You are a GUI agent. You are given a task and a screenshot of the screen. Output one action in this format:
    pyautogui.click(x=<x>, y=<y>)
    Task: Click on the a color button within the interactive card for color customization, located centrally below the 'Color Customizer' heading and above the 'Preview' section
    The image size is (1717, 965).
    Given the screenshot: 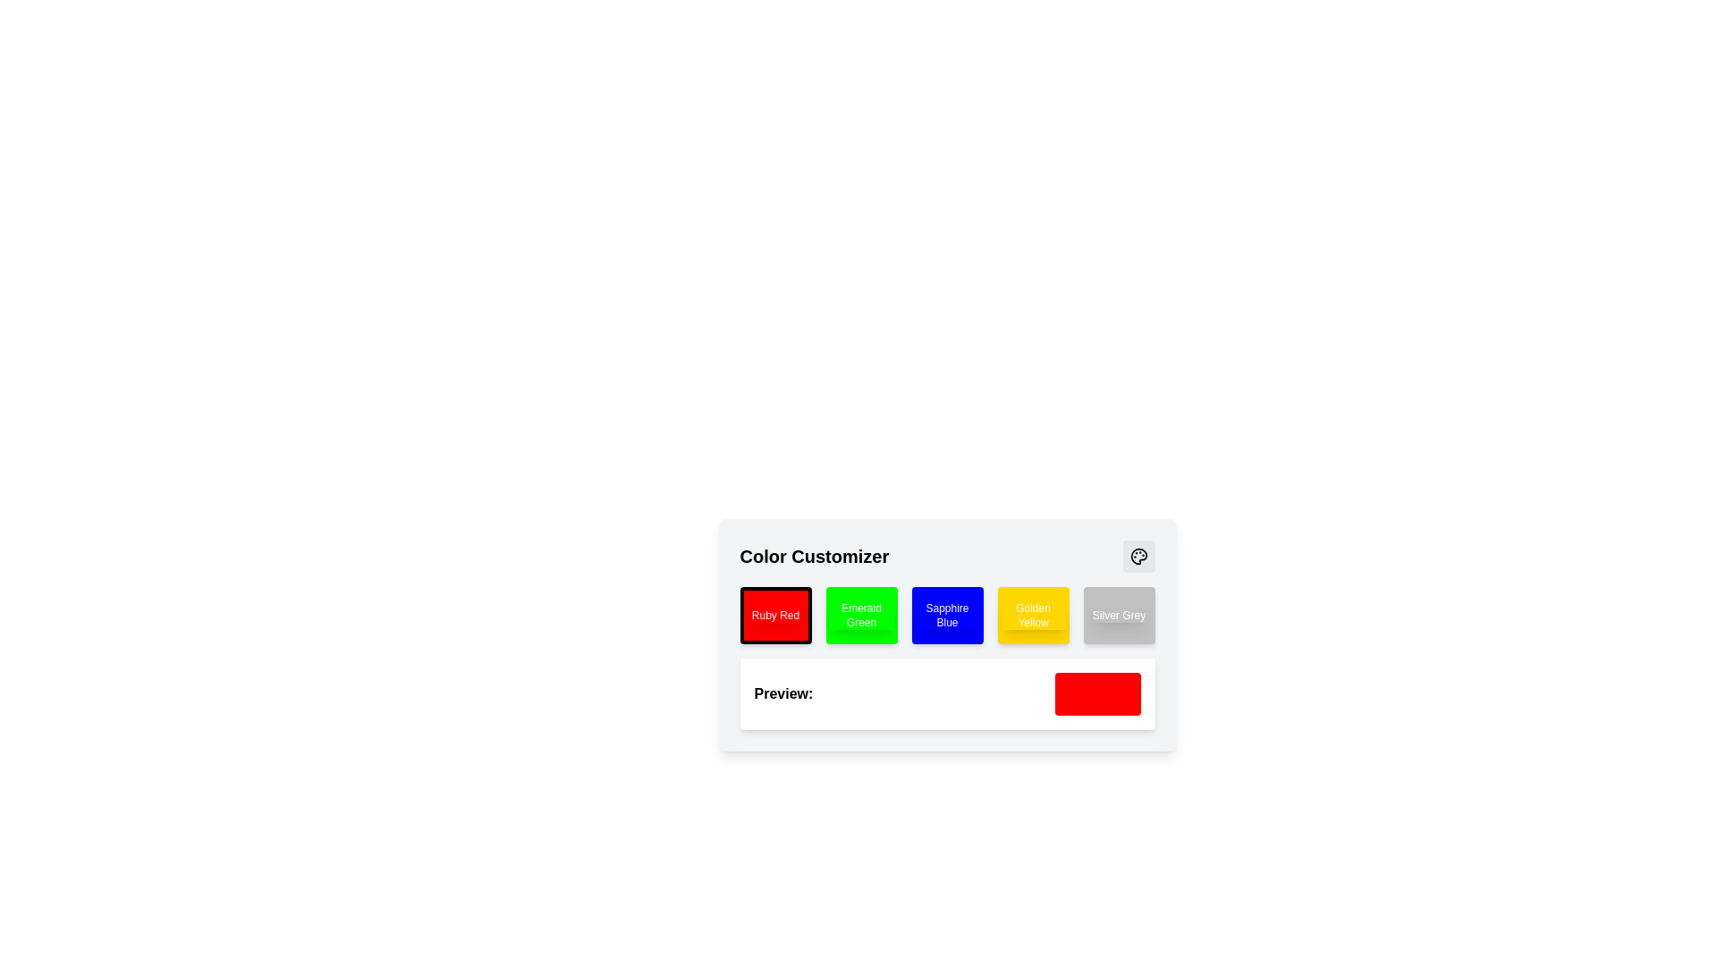 What is the action you would take?
    pyautogui.click(x=946, y=634)
    